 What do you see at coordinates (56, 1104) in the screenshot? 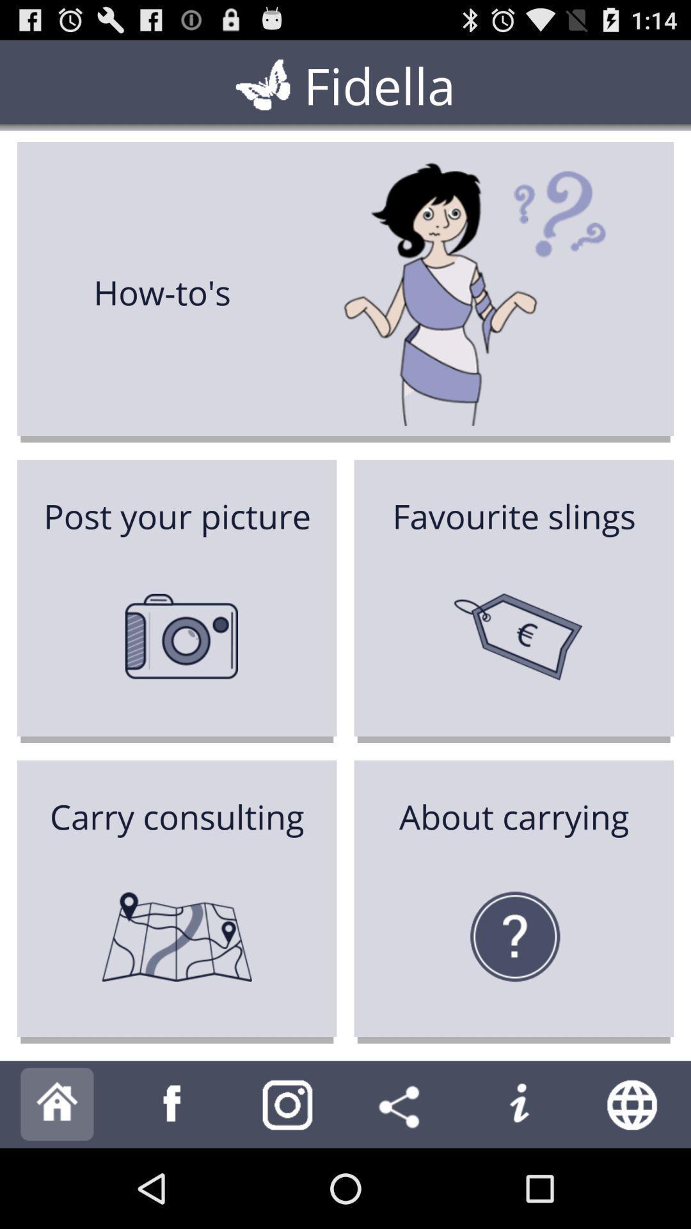
I see `to home option` at bounding box center [56, 1104].